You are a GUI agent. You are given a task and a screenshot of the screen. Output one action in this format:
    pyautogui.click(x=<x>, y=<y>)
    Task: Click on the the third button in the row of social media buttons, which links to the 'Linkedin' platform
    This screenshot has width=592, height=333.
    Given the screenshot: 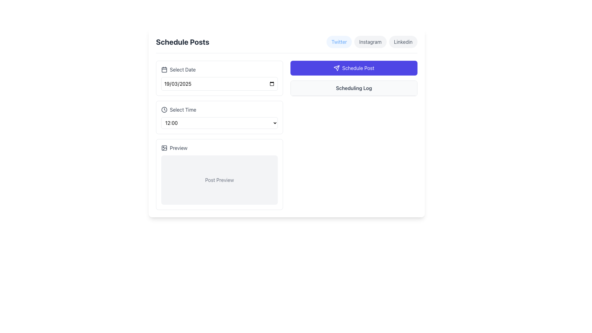 What is the action you would take?
    pyautogui.click(x=403, y=42)
    